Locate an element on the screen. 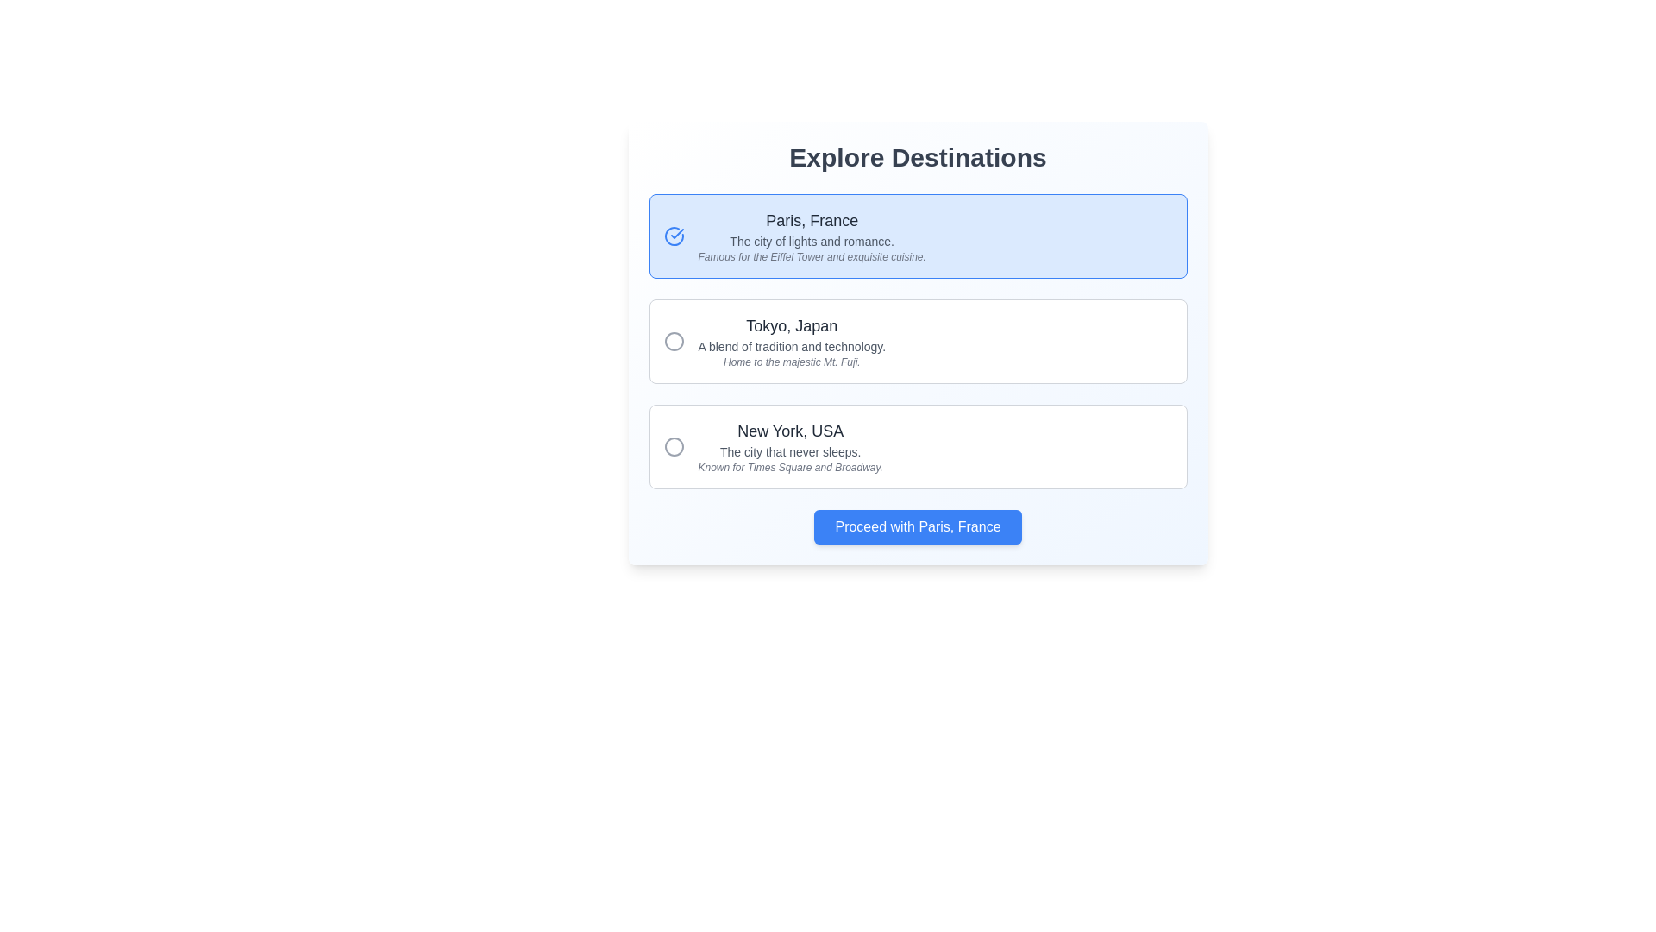 The width and height of the screenshot is (1656, 932). checkmark icon that signifies the selection of 'Paris, France' in the options panel is located at coordinates (676, 233).